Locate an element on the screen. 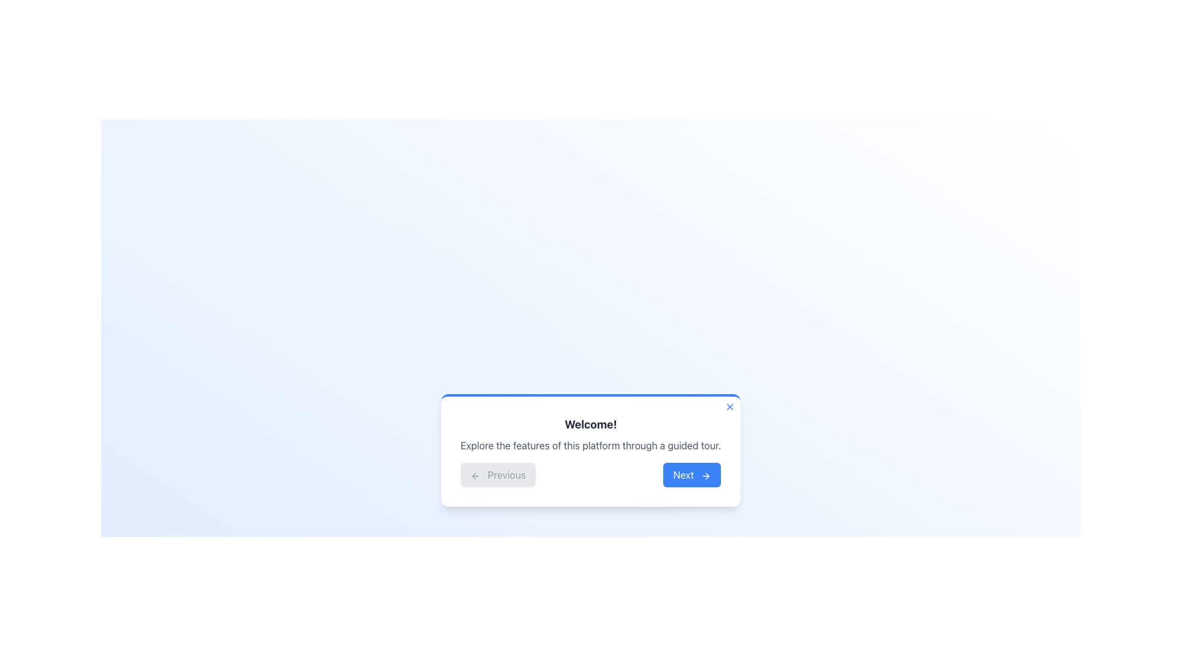 This screenshot has height=662, width=1178. the small, square close button located at the top-right corner of the modal dialog is located at coordinates (730, 406).